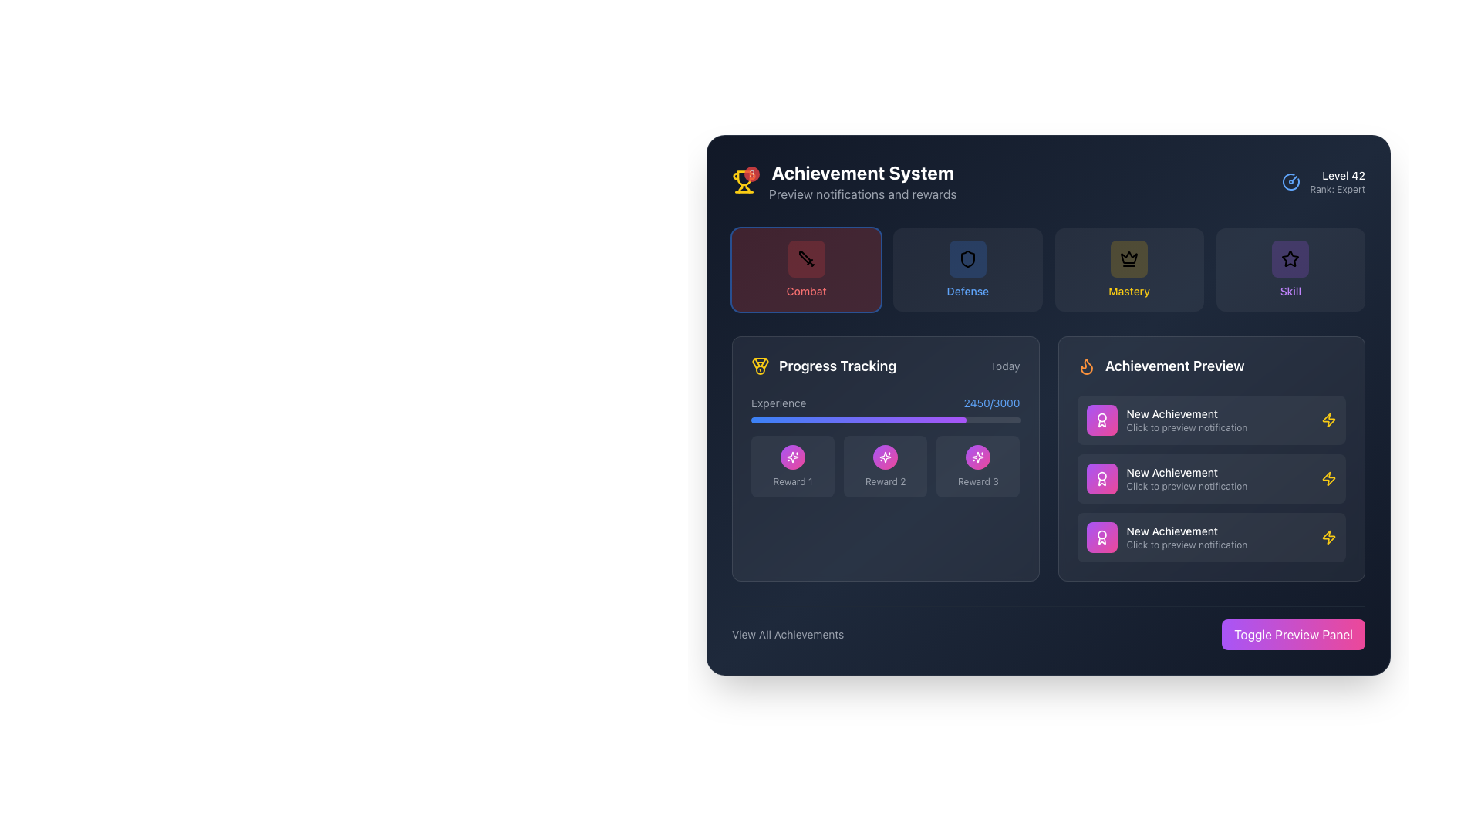  What do you see at coordinates (1337, 174) in the screenshot?
I see `the text label displaying 'Level 42', which is styled in a small white font and located at the top-right corner of the interface` at bounding box center [1337, 174].